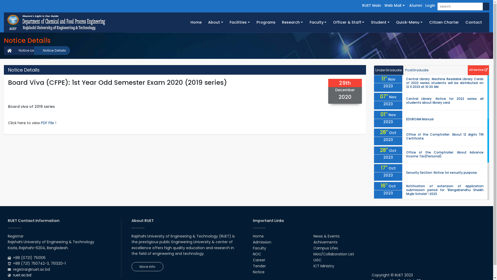 The height and width of the screenshot is (280, 497). I want to click on 'Notice Details', so click(52, 51).